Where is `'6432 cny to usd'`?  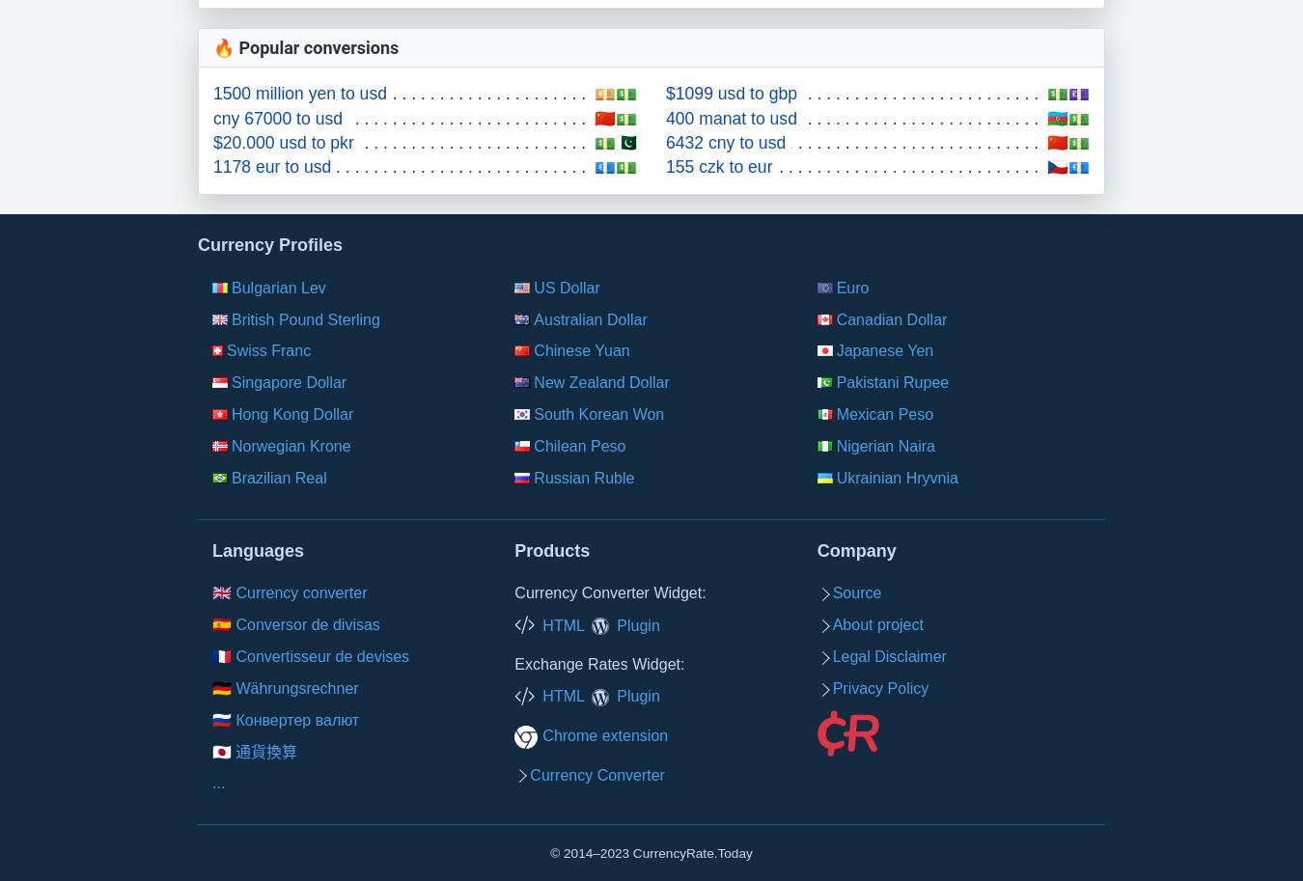
'6432 cny to usd' is located at coordinates (664, 140).